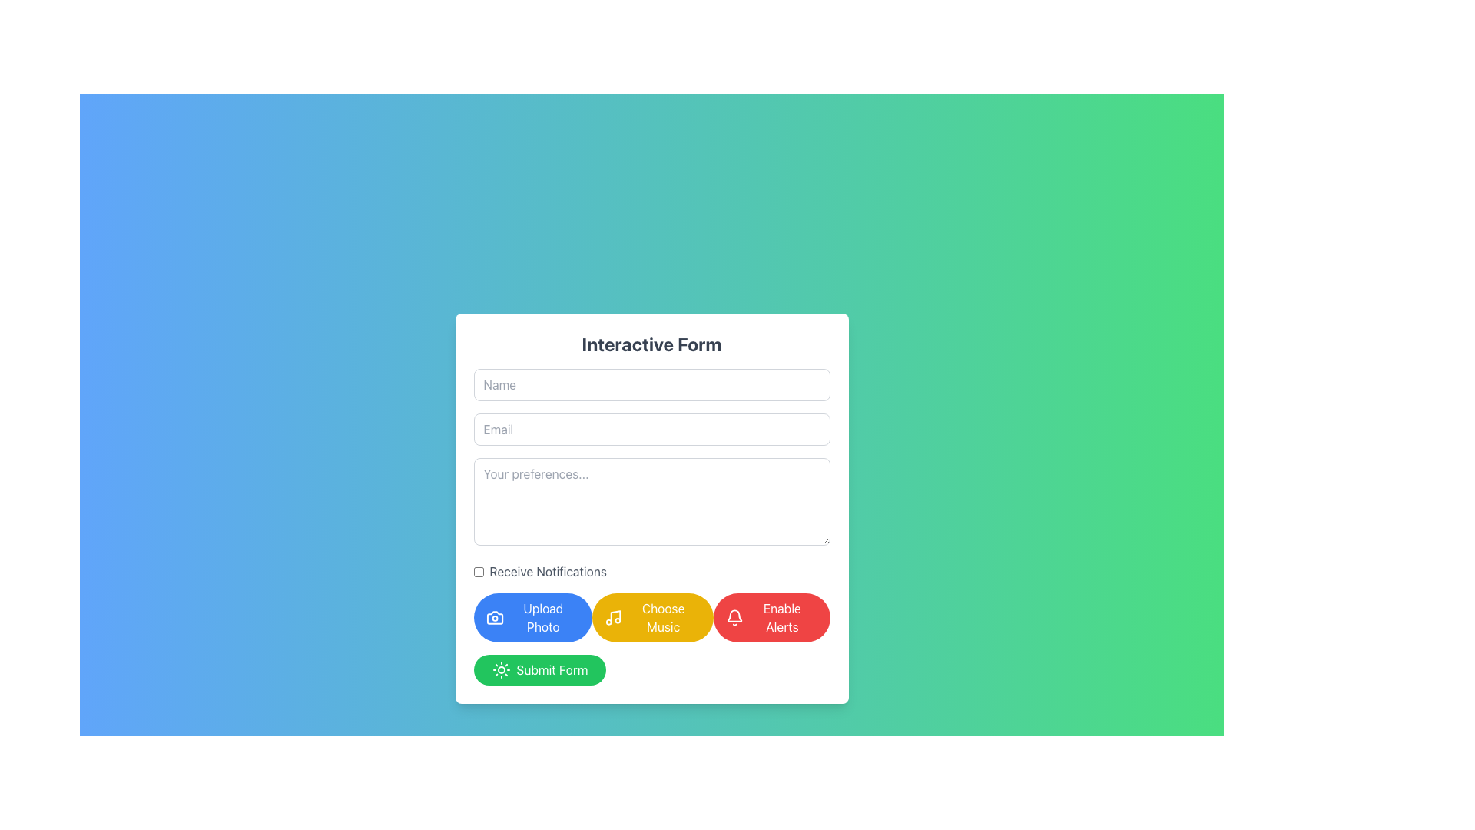 This screenshot has width=1475, height=830. Describe the element at coordinates (734, 615) in the screenshot. I see `the bell icon button, which is an outline of a bell symbol used to depict notifications` at that location.